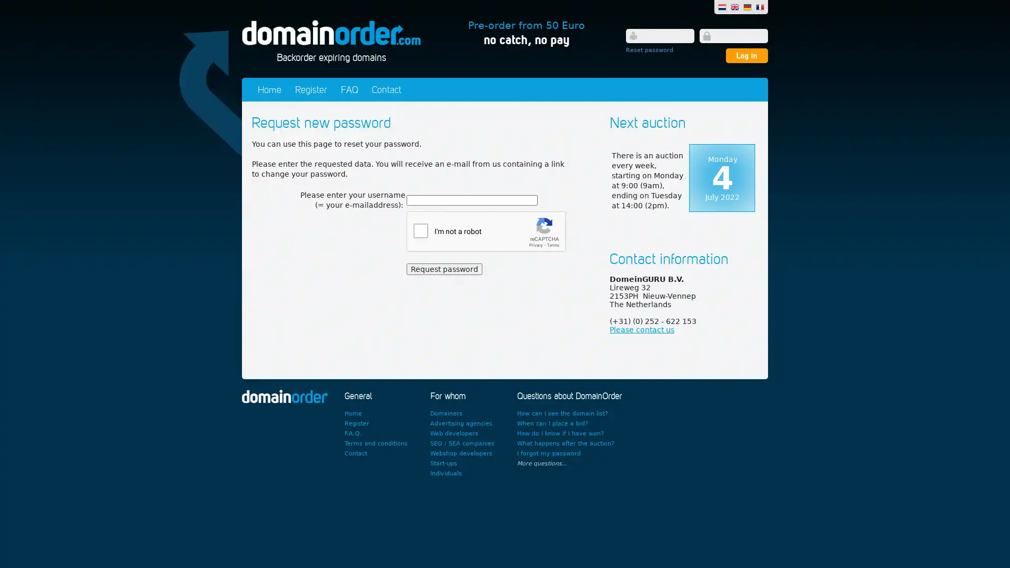 The image size is (1010, 568). What do you see at coordinates (746, 55) in the screenshot?
I see `Log in` at bounding box center [746, 55].